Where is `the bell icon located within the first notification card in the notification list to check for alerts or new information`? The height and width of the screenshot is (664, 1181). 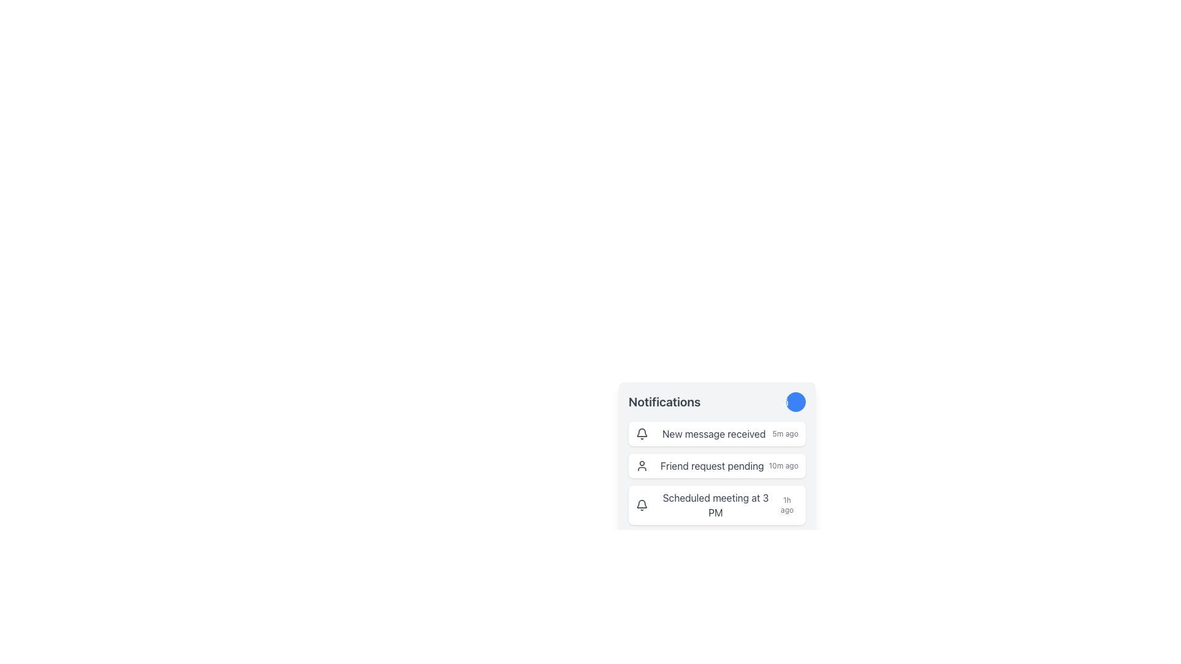
the bell icon located within the first notification card in the notification list to check for alerts or new information is located at coordinates (641, 433).